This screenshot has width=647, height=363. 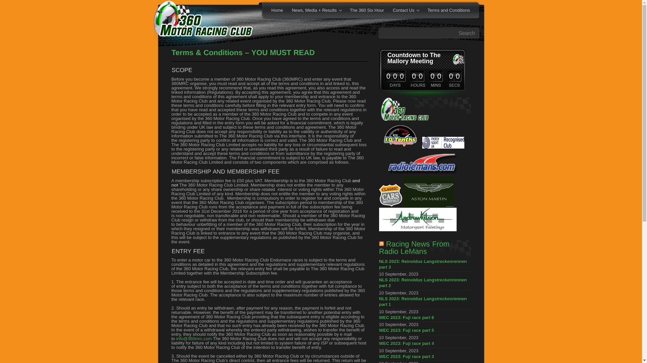 I want to click on 'The 360 Six Hour', so click(x=345, y=10).